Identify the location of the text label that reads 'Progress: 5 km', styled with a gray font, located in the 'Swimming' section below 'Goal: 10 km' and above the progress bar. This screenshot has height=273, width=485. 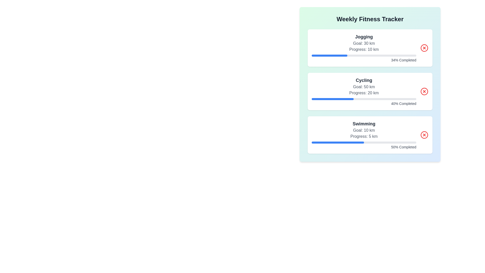
(364, 136).